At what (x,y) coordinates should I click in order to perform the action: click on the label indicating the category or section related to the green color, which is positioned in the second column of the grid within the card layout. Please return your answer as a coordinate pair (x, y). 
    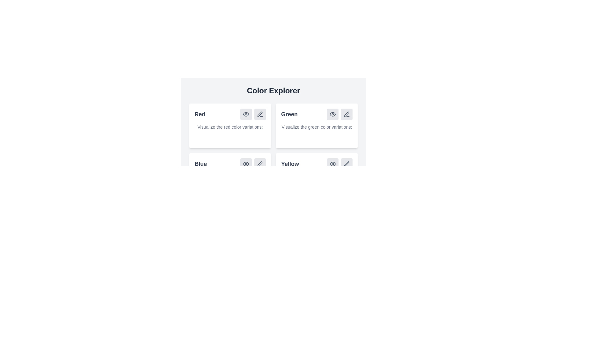
    Looking at the image, I should click on (289, 114).